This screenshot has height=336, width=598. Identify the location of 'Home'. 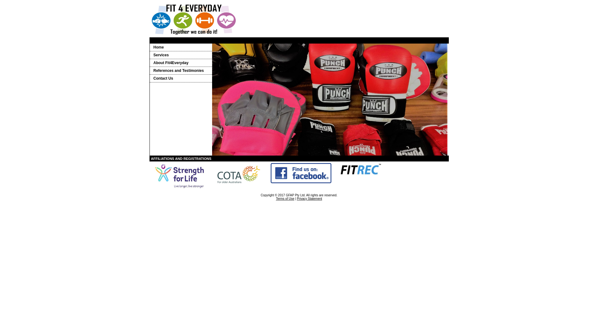
(149, 47).